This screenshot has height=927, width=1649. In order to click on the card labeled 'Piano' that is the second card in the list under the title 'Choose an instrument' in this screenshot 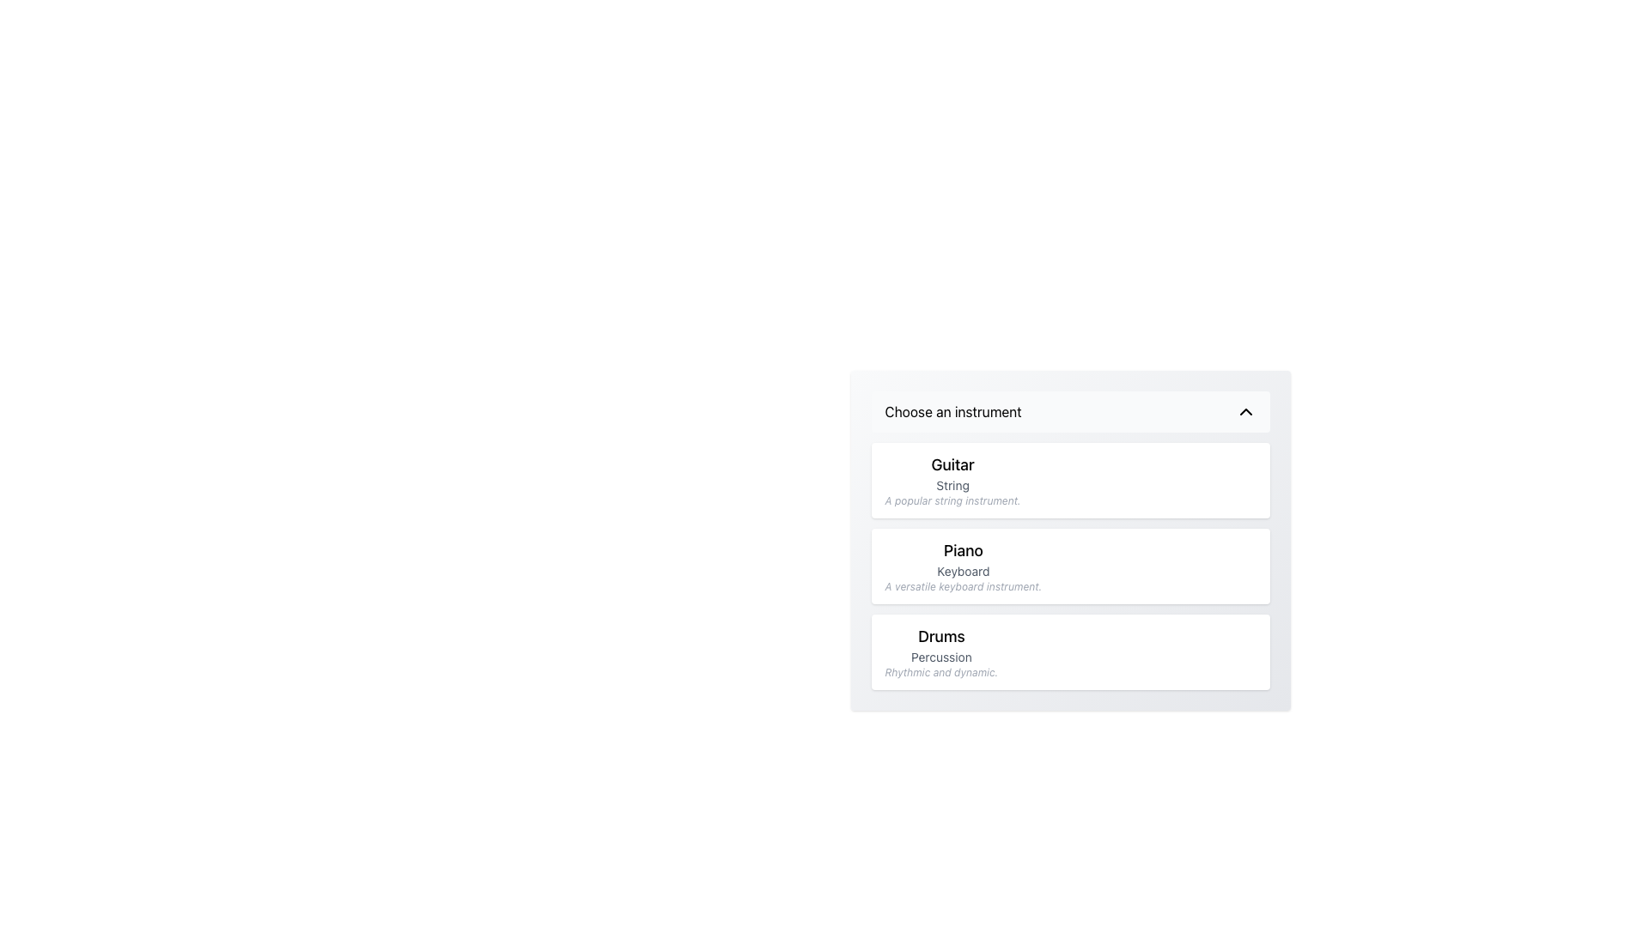, I will do `click(1069, 566)`.